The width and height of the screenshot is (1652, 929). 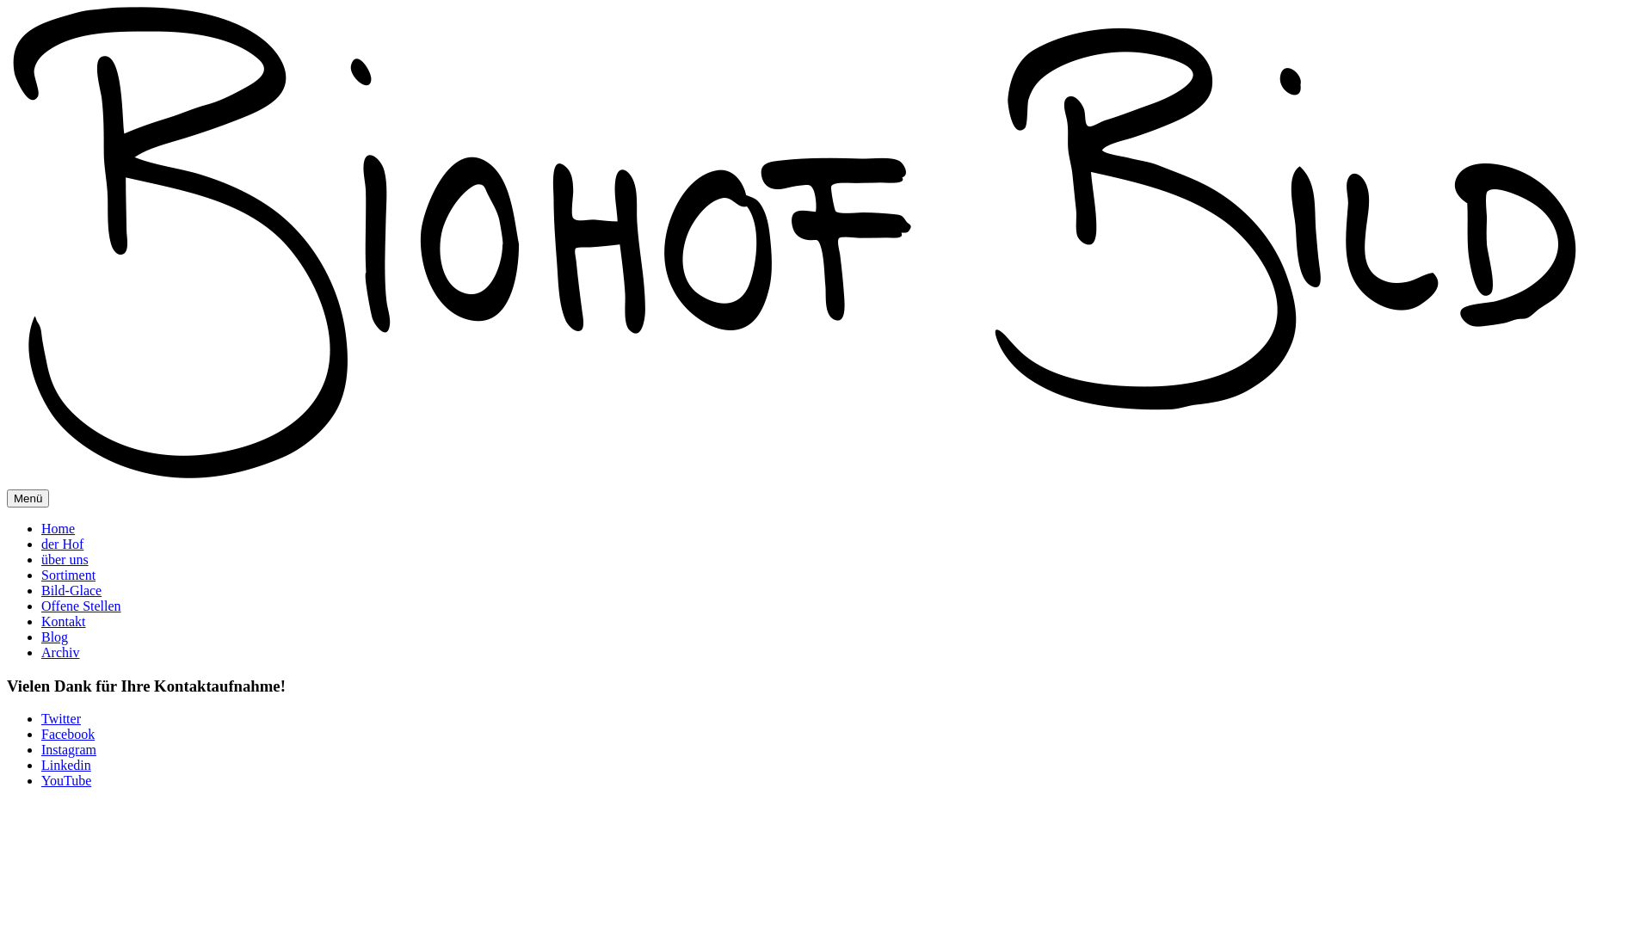 I want to click on 'Twitter', so click(x=41, y=718).